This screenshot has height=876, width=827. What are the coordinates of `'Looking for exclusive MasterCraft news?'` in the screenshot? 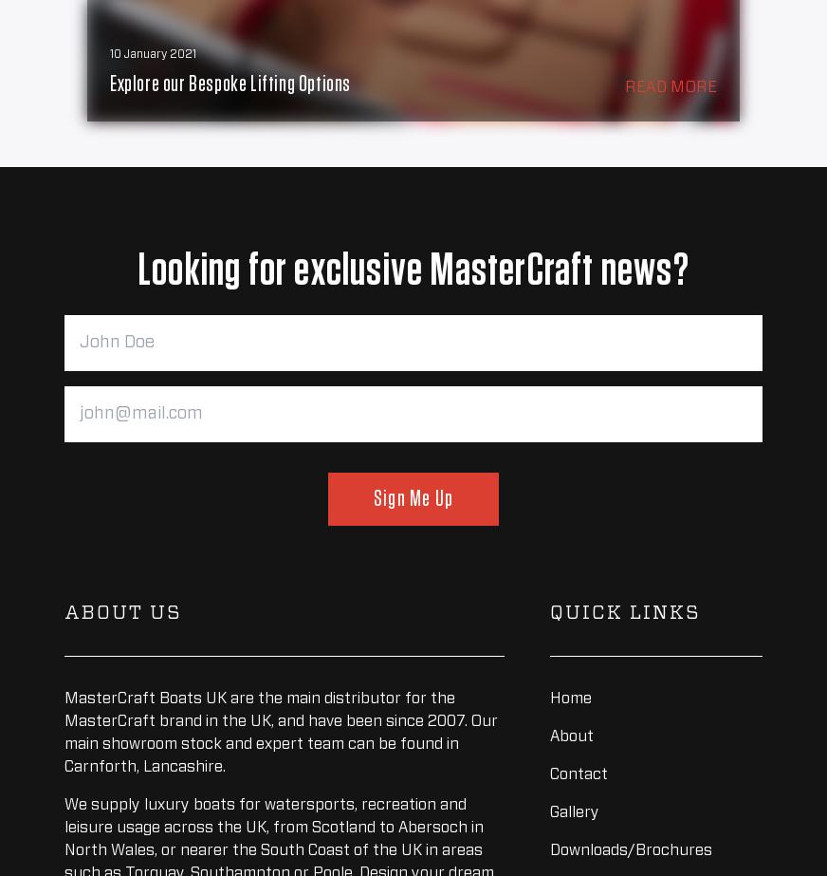 It's located at (413, 271).